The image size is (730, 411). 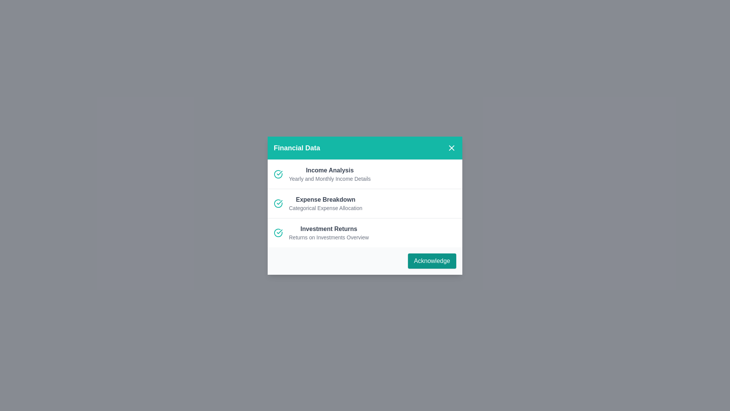 What do you see at coordinates (452, 148) in the screenshot?
I see `the close button in the header of the dialog to close it` at bounding box center [452, 148].